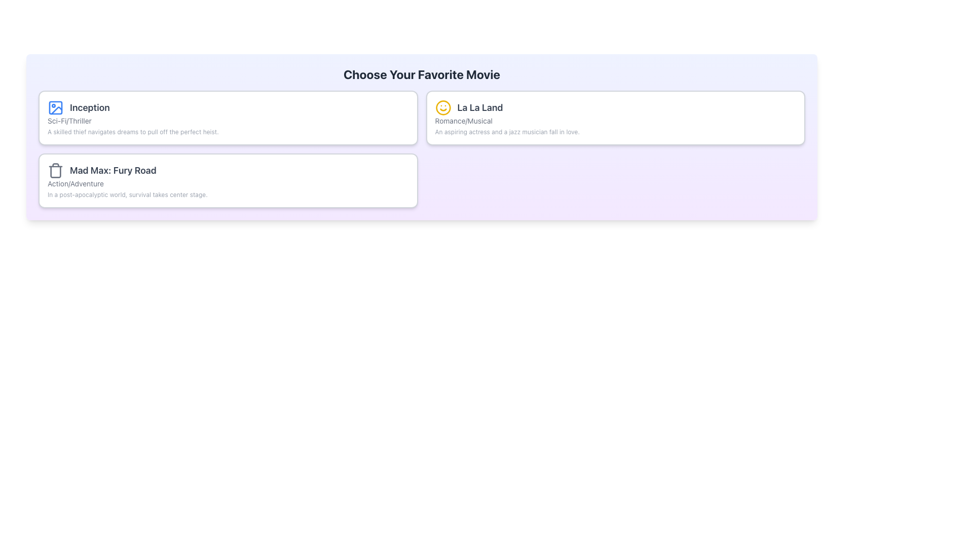  Describe the element at coordinates (102, 170) in the screenshot. I see `the text label displaying the title 'Mad Max: Fury Road' within the movie selection list` at that location.